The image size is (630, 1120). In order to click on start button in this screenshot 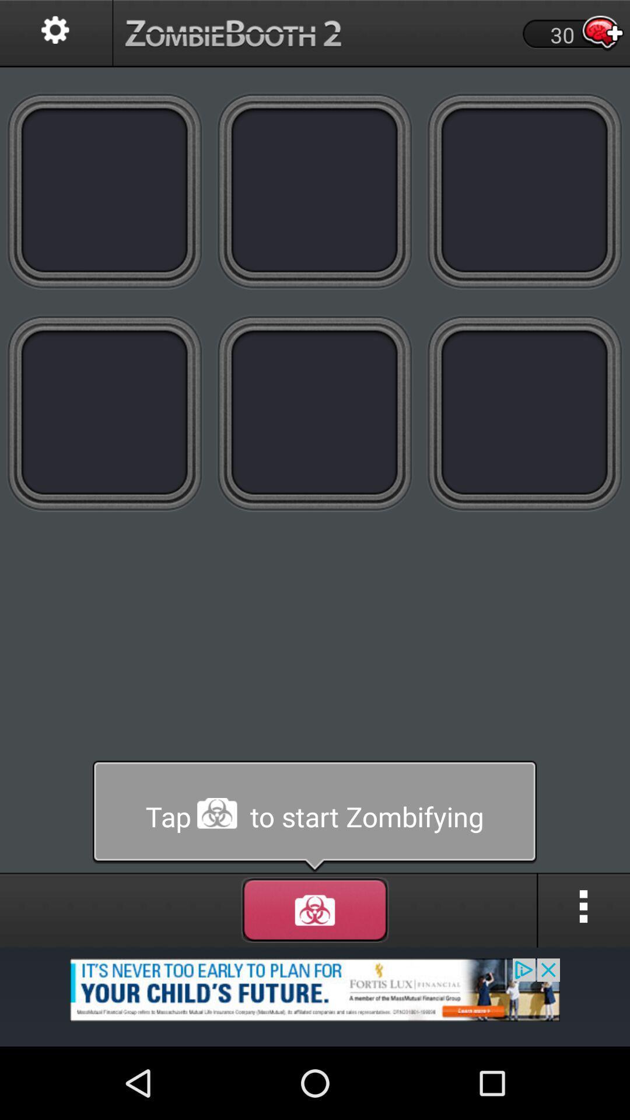, I will do `click(314, 816)`.